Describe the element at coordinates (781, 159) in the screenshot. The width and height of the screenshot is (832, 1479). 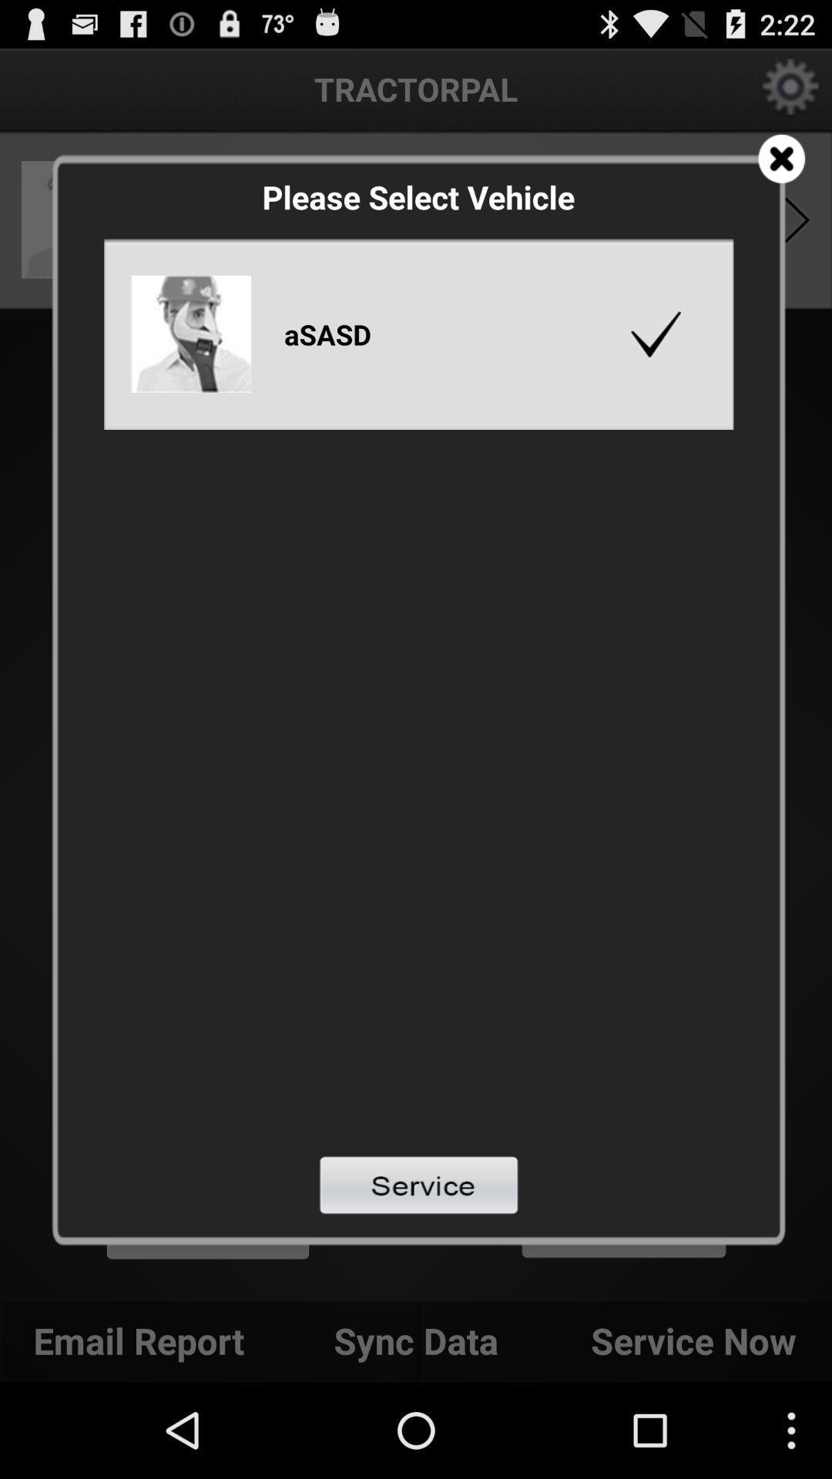
I see `page` at that location.